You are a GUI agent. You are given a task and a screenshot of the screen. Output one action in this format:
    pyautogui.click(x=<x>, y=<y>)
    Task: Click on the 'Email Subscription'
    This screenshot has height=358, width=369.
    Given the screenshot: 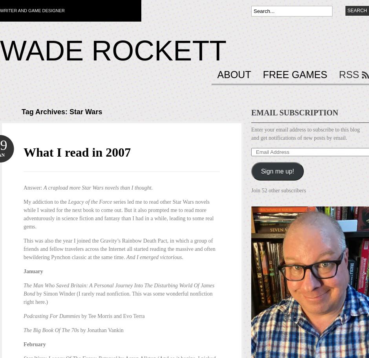 What is the action you would take?
    pyautogui.click(x=294, y=112)
    